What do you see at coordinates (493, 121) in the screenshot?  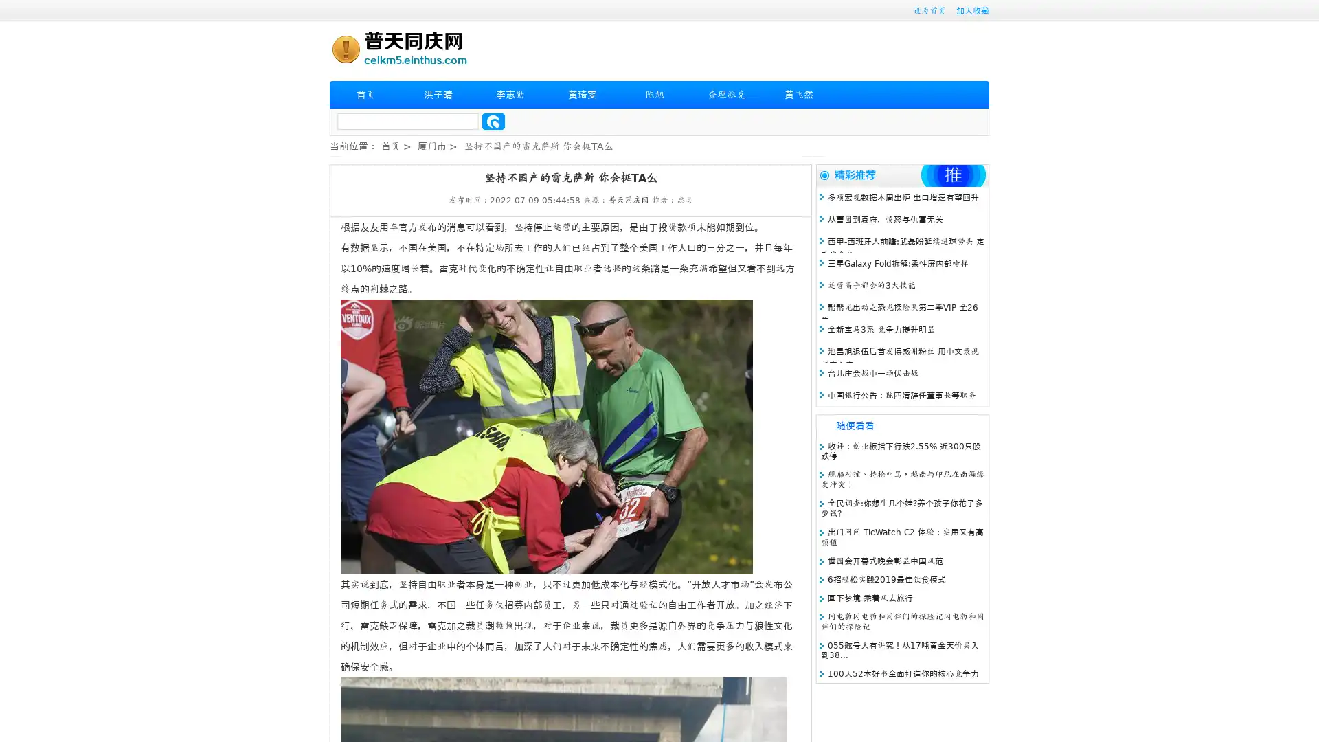 I see `Search` at bounding box center [493, 121].